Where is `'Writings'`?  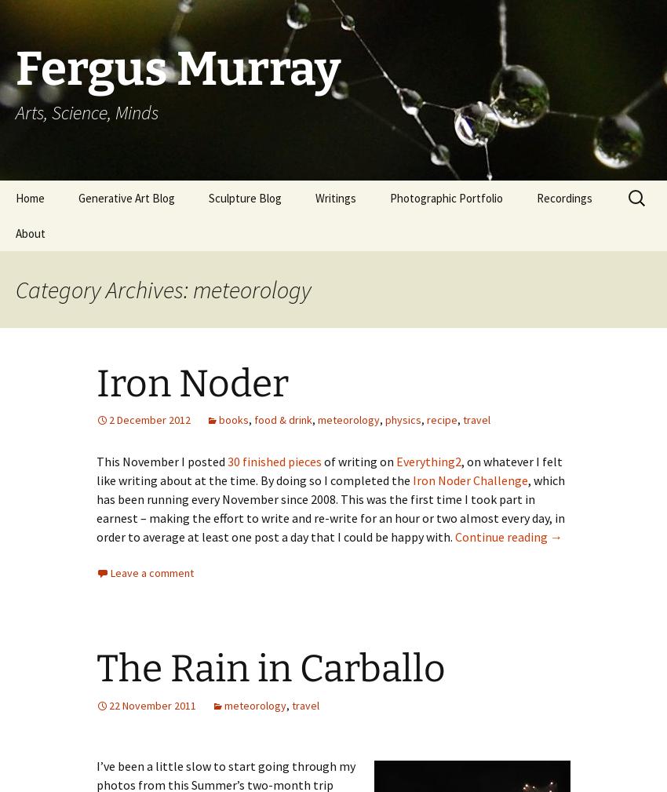
'Writings' is located at coordinates (334, 197).